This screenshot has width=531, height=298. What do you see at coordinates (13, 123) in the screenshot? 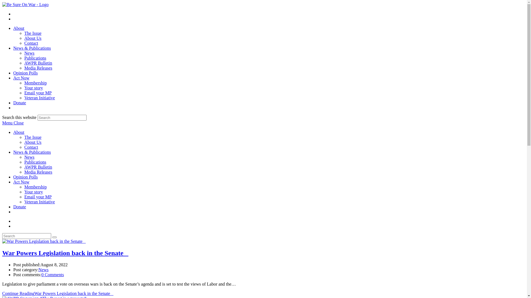
I see `'Menu Close'` at bounding box center [13, 123].